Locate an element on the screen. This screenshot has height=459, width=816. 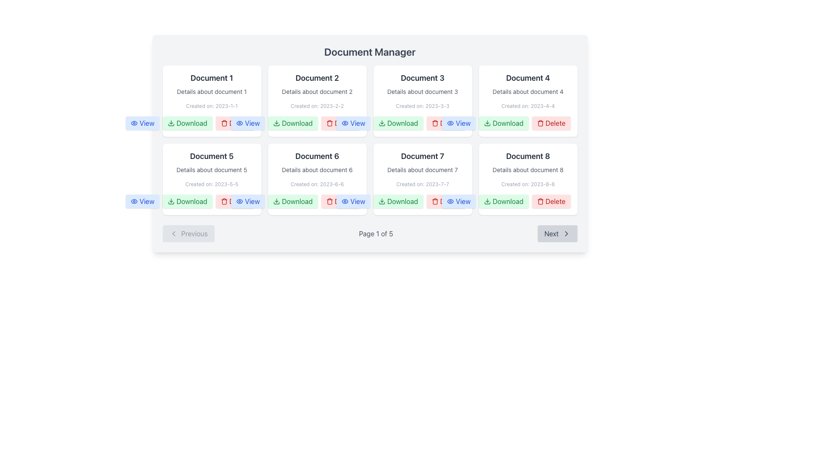
the panel displaying details for 'Document 3' is located at coordinates (422, 101).